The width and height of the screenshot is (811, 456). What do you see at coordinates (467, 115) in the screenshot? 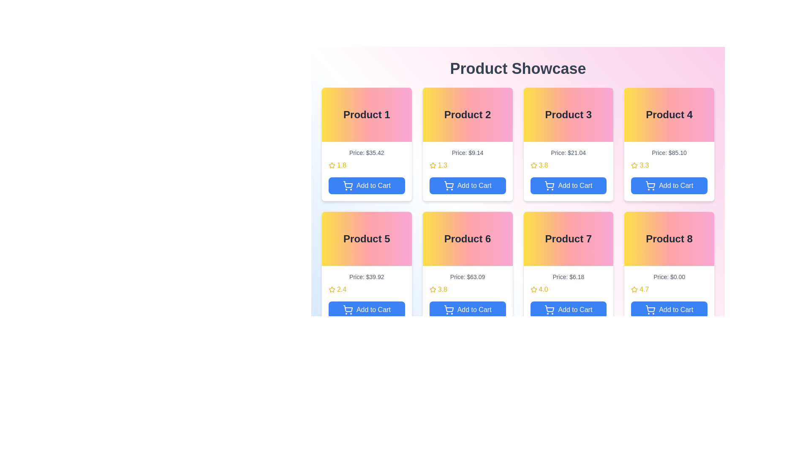
I see `the Text display with styled background that serves as the title or header for a product listing, located at the top middle of the interface in the second column of the first row` at bounding box center [467, 115].